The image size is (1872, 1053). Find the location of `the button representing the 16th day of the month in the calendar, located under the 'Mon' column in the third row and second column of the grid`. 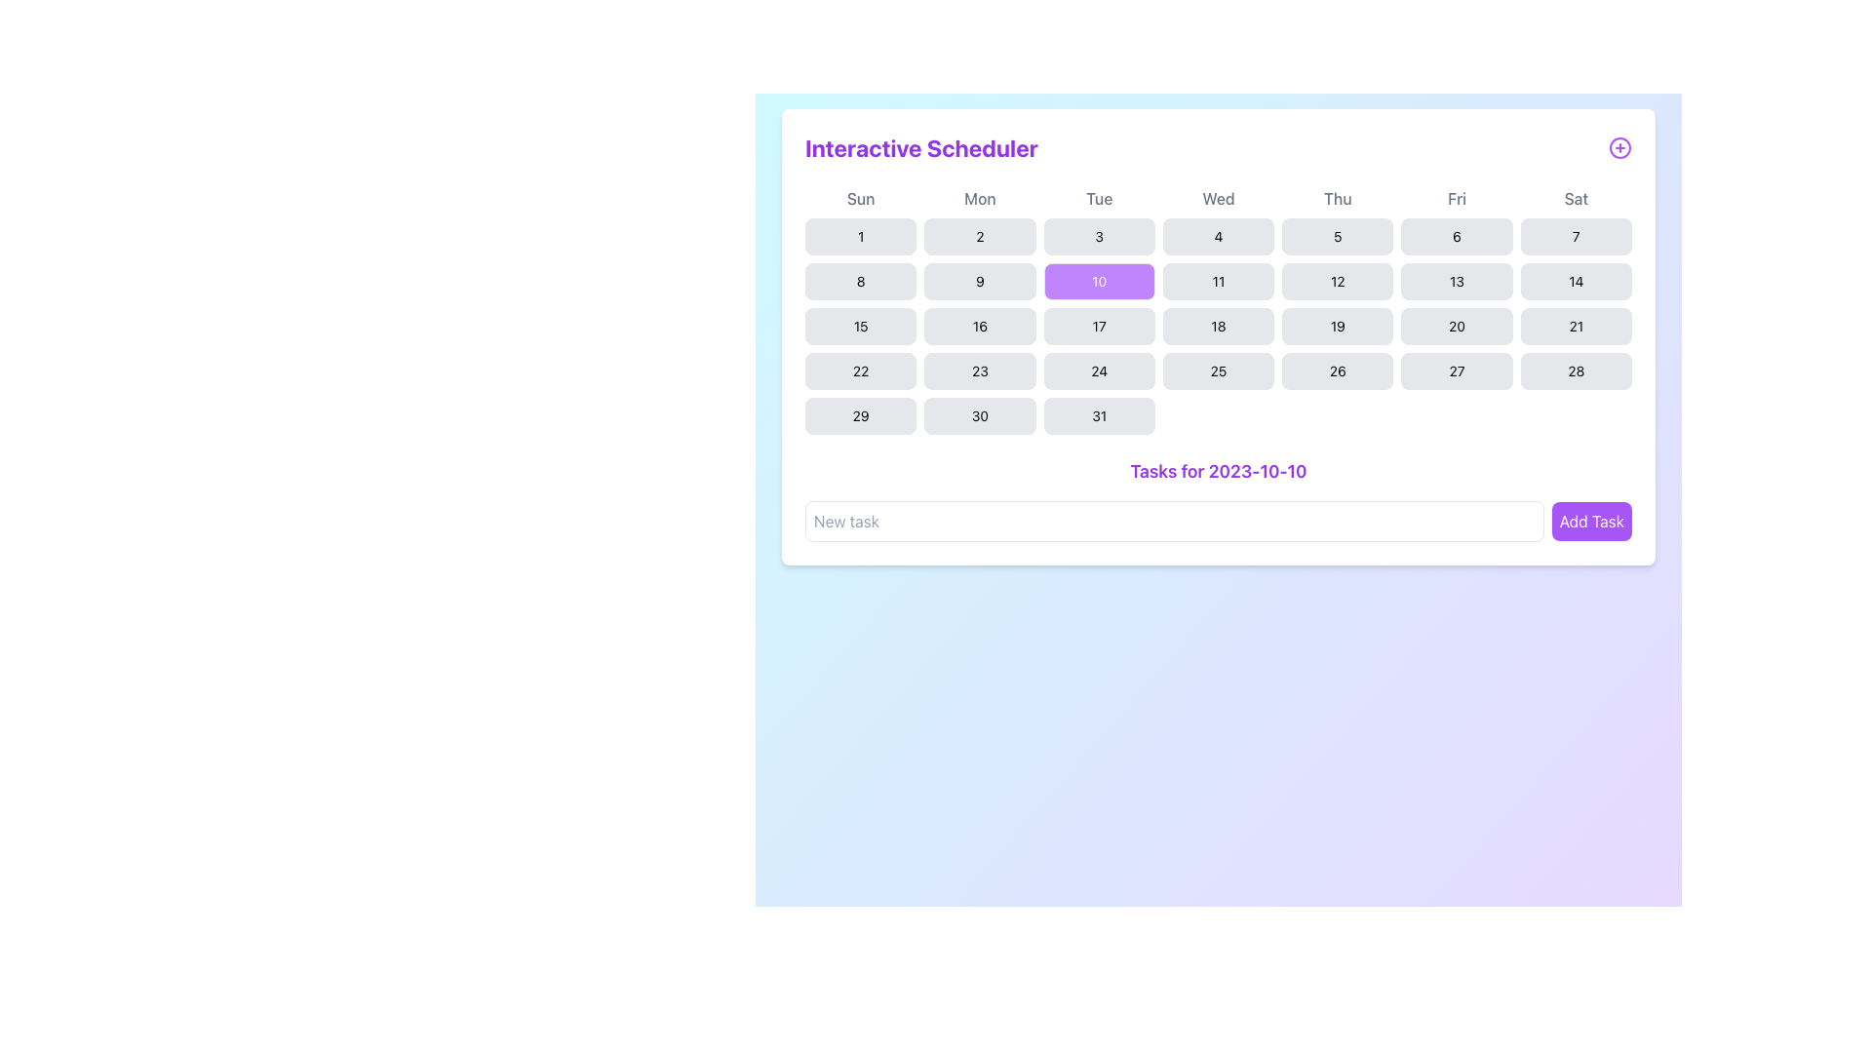

the button representing the 16th day of the month in the calendar, located under the 'Mon' column in the third row and second column of the grid is located at coordinates (980, 326).